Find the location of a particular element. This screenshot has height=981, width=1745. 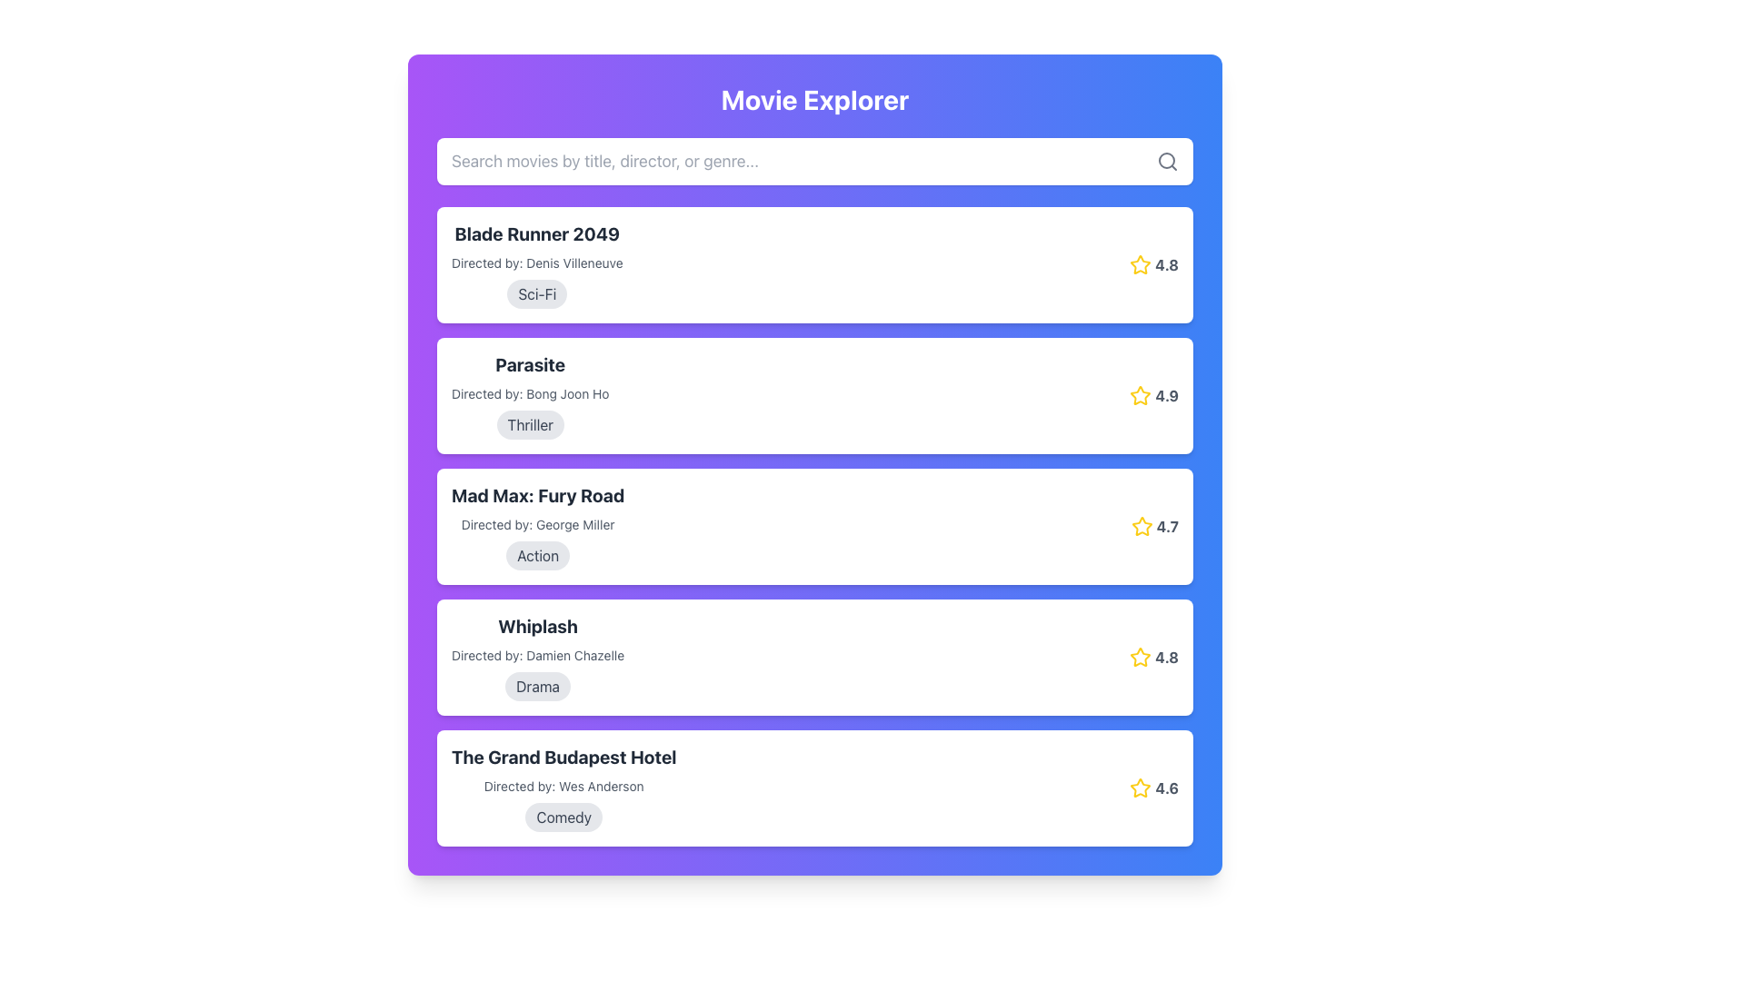

the static text display that provides information about the director of the movie 'Blade Runner 2049', located between the title and the genre tag in the first movie card is located at coordinates (536, 263).